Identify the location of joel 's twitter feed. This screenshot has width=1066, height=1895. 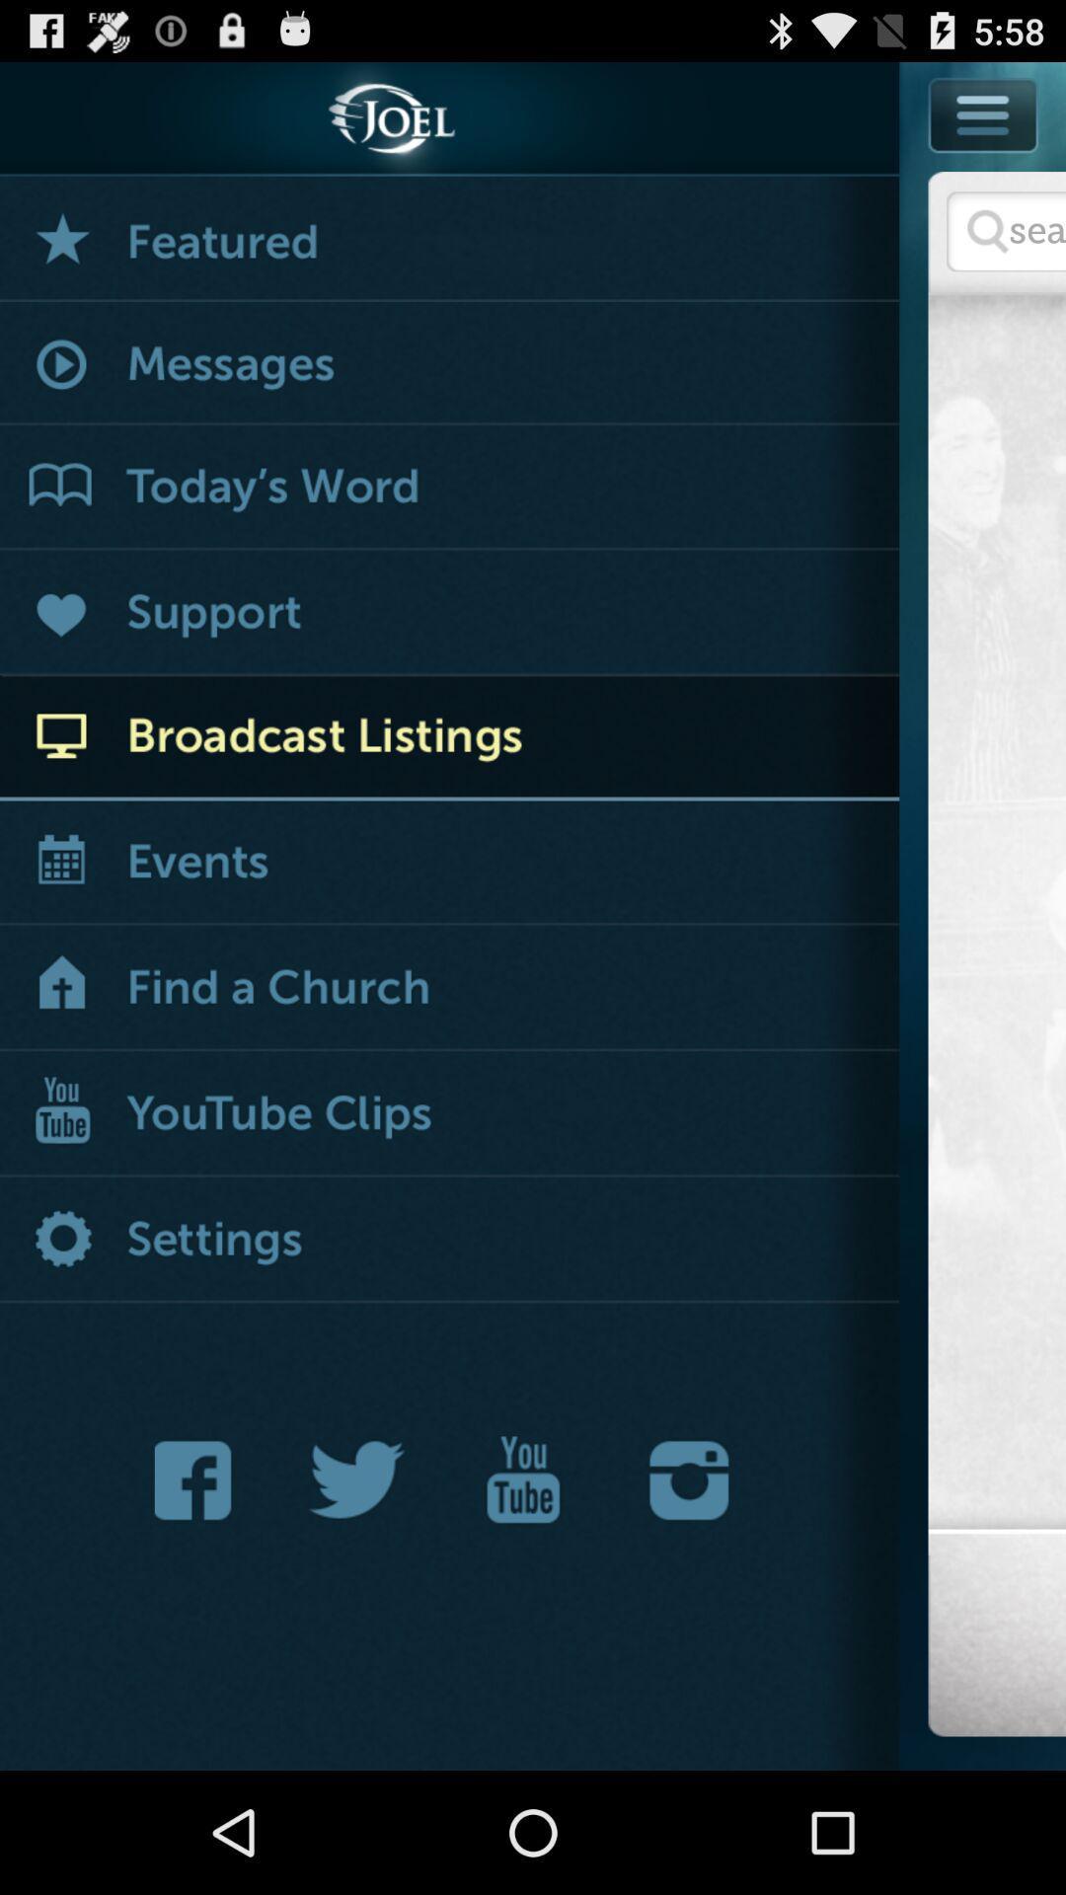
(357, 1479).